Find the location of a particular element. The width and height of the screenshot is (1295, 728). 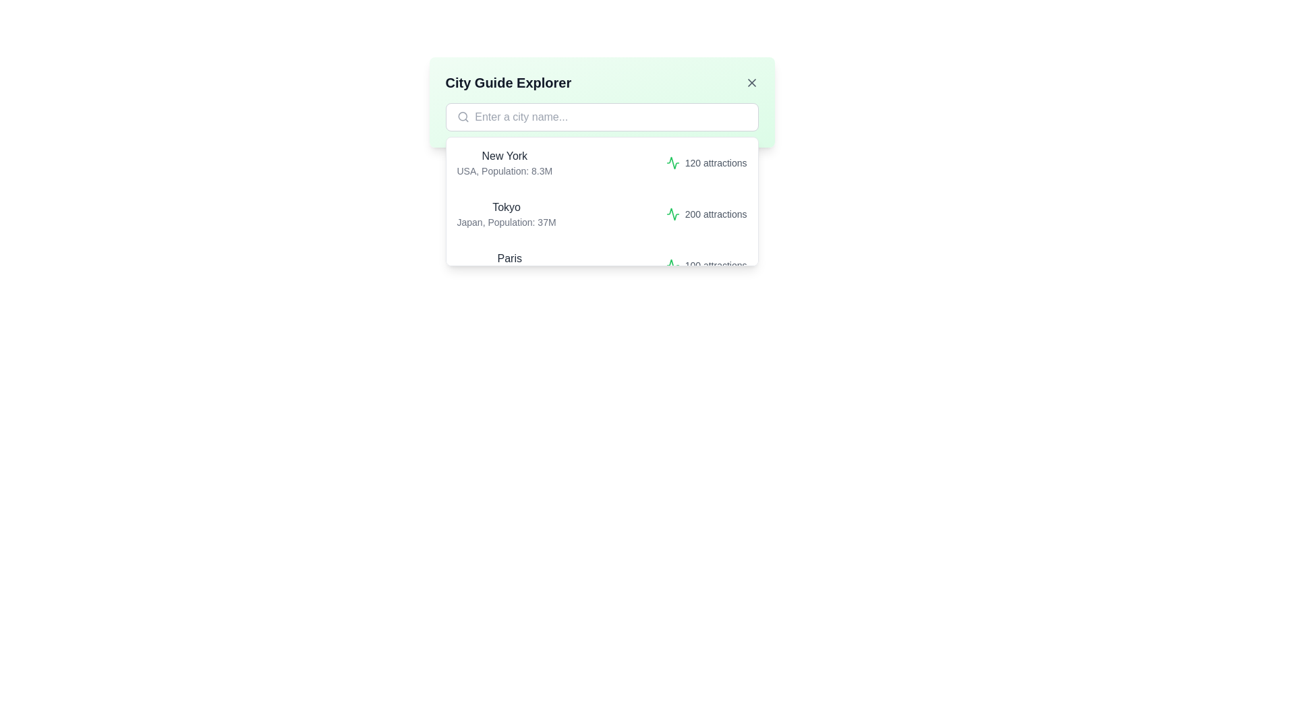

the green heartbeat-like icon that is positioned adjacent to the text label '200 attractions', which indicates its purpose related to the attractions count in Tokyo is located at coordinates (672, 213).